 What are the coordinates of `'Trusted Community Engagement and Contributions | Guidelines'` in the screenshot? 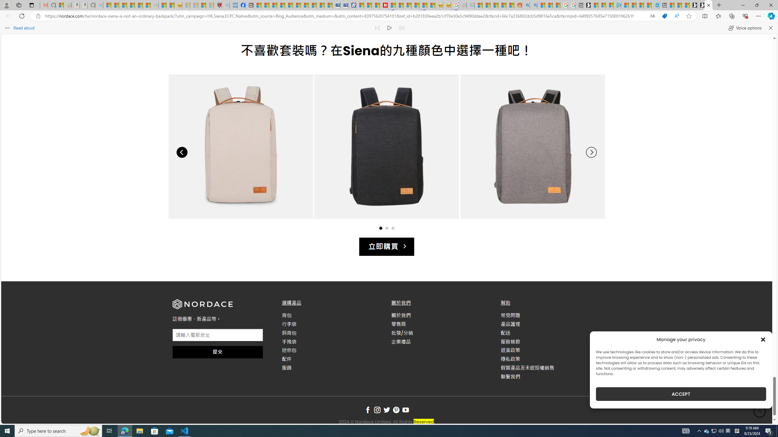 It's located at (391, 5).